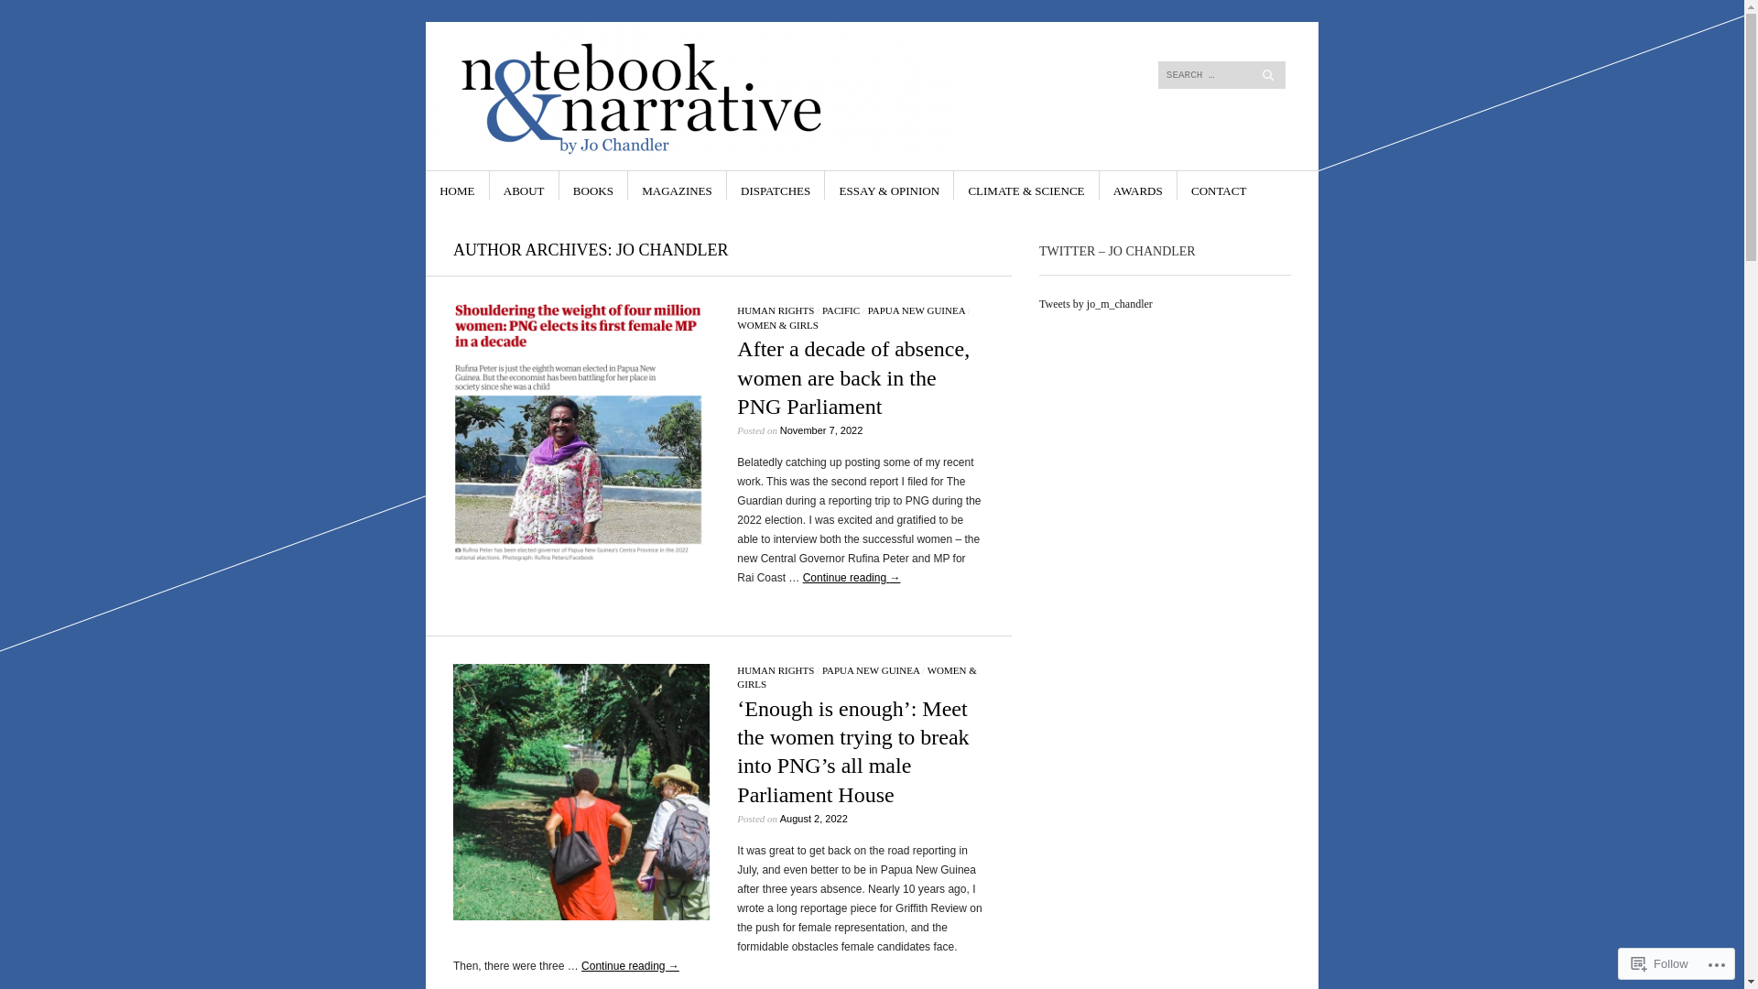  Describe the element at coordinates (615, 250) in the screenshot. I see `'JO CHANDLER'` at that location.